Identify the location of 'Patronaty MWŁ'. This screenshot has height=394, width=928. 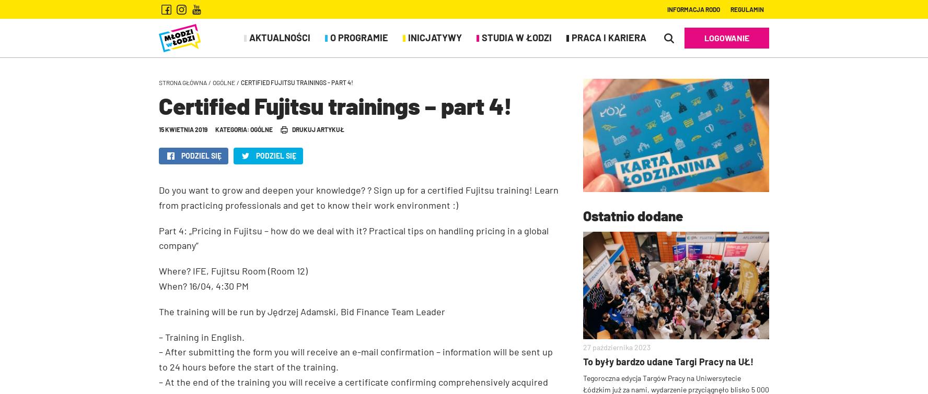
(187, 94).